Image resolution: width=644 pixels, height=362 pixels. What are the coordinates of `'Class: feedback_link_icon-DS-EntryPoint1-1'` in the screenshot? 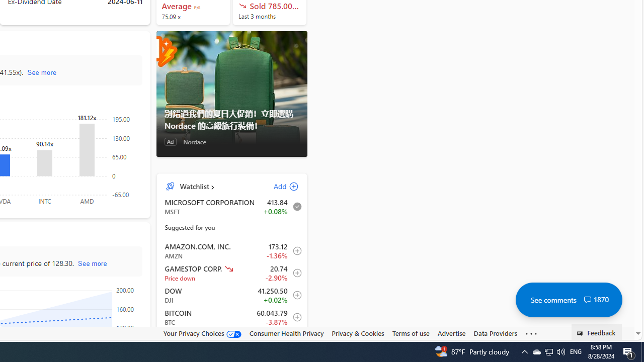 It's located at (582, 333).